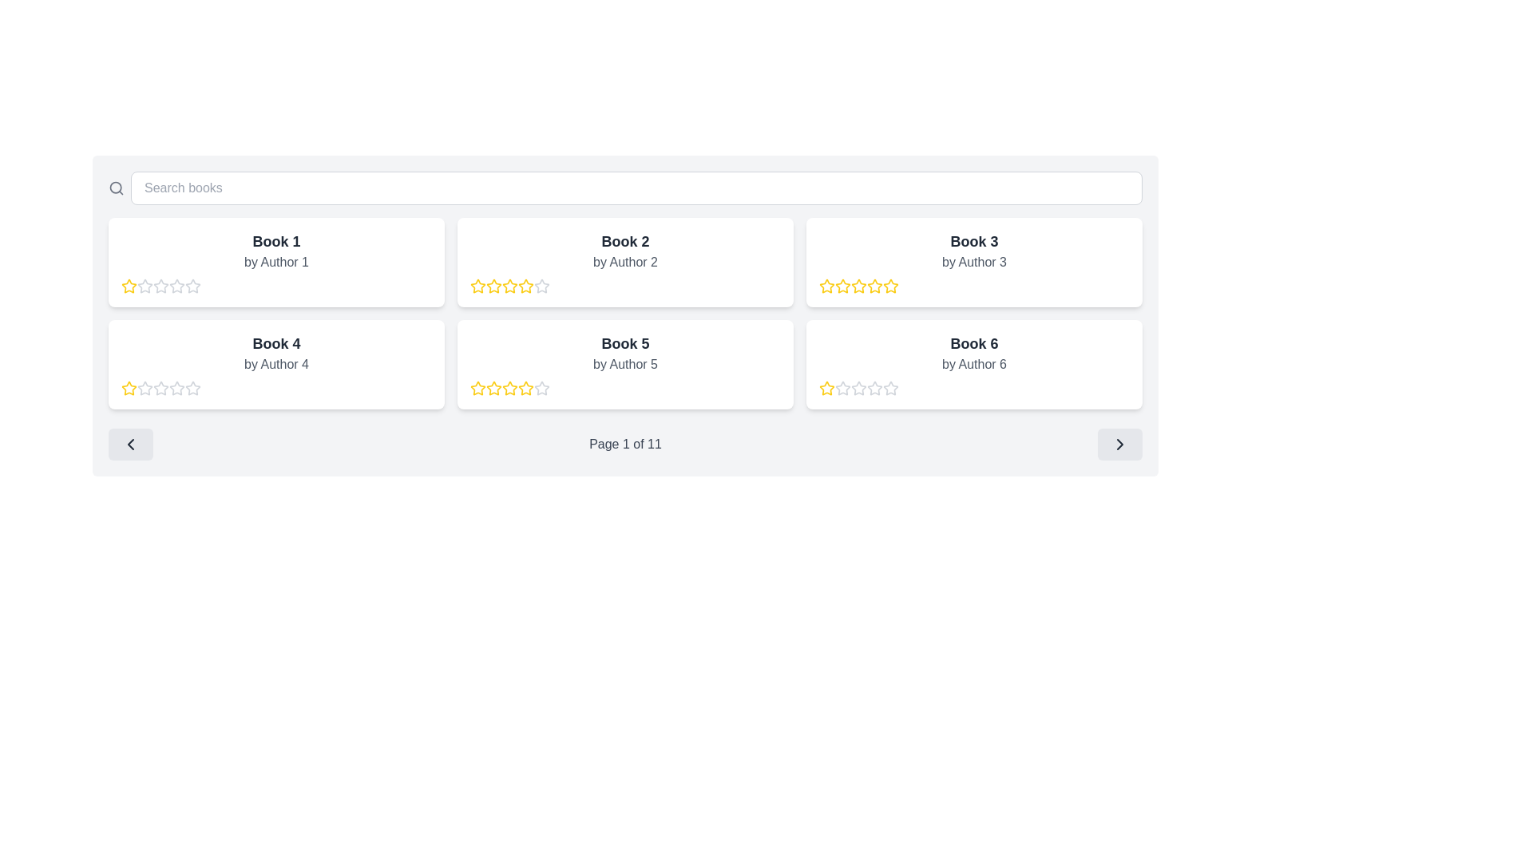  I want to click on the navigation button that advances to the next page in the pagination section labeled 'Page 1 of 11', so click(1119, 444).